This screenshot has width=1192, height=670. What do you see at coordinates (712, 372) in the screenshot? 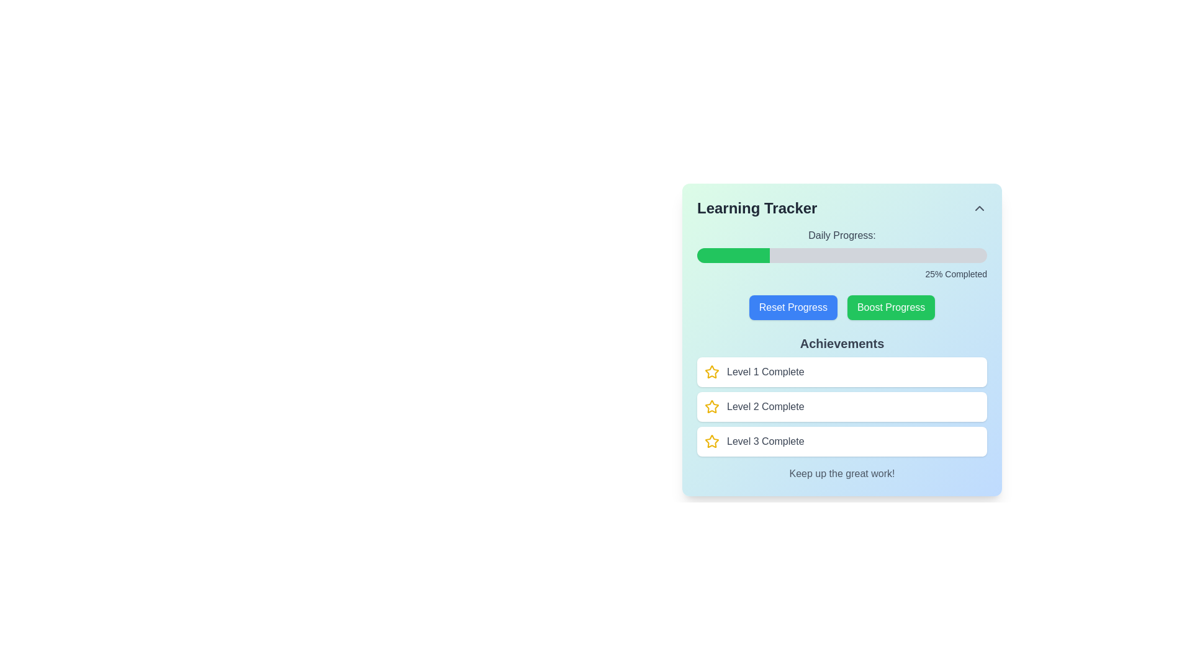
I see `the leftmost star icon representing the completion status of the 'Level 1' achievement in the 'Achievements' section` at bounding box center [712, 372].